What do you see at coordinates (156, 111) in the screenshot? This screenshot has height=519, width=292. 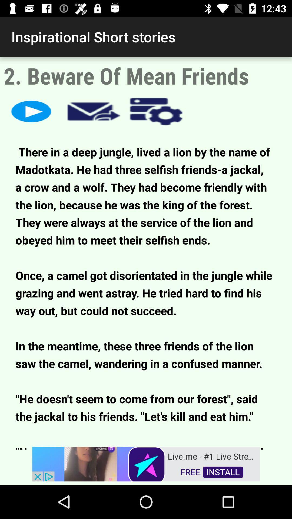 I see `options menu` at bounding box center [156, 111].